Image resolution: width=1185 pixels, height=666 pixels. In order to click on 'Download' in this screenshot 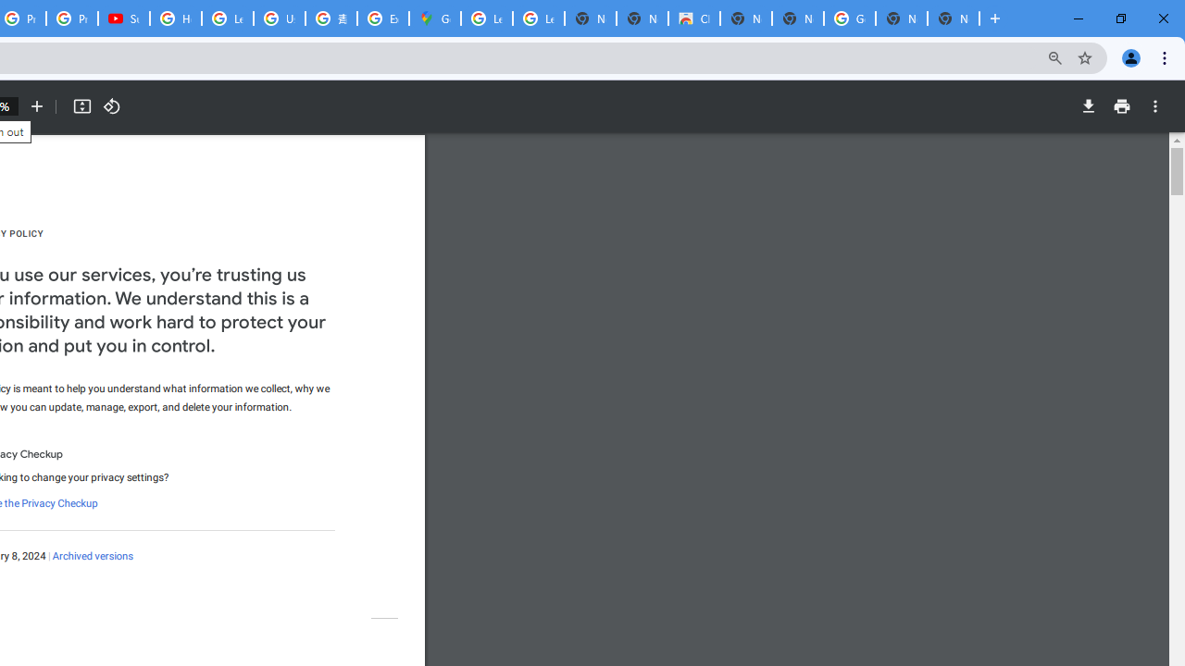, I will do `click(1088, 106)`.